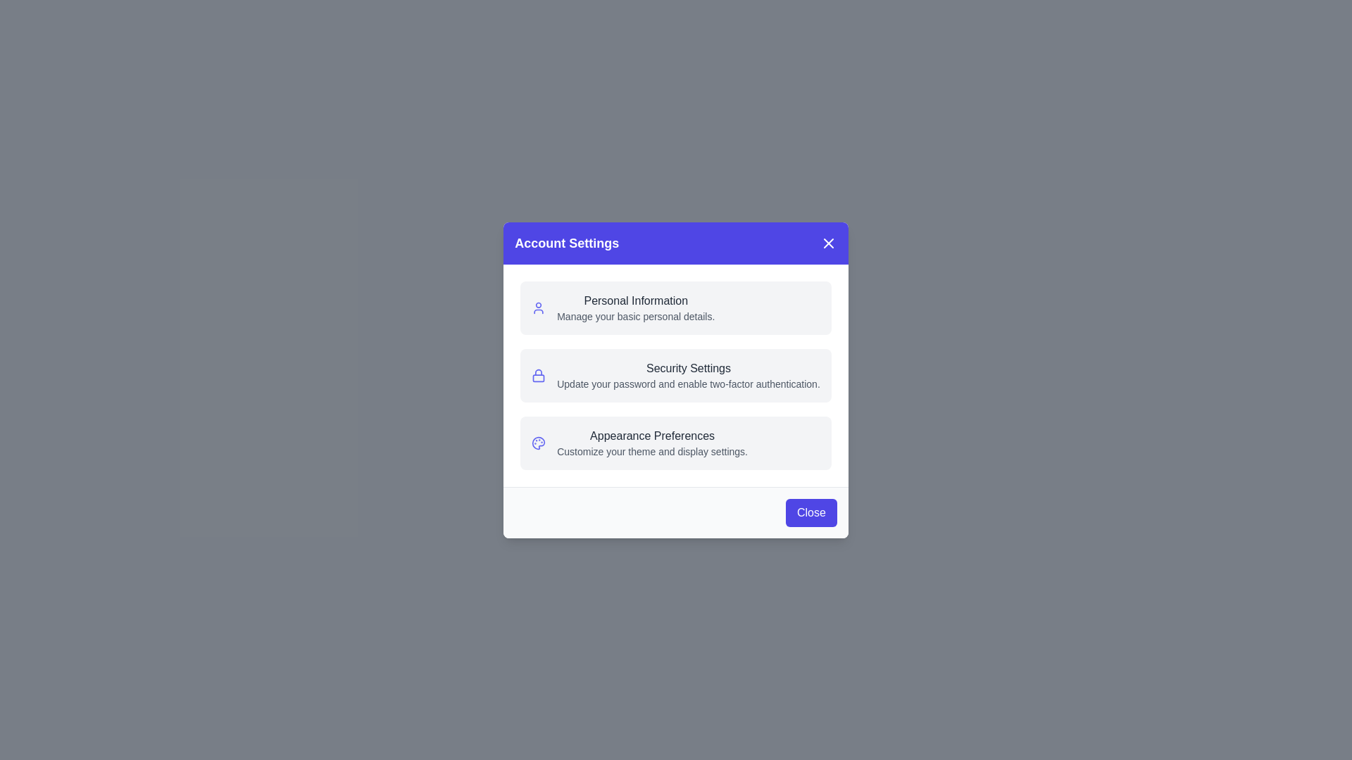  I want to click on the 'Personal Information' text label within the 'Account Settings' modal, so click(635, 300).